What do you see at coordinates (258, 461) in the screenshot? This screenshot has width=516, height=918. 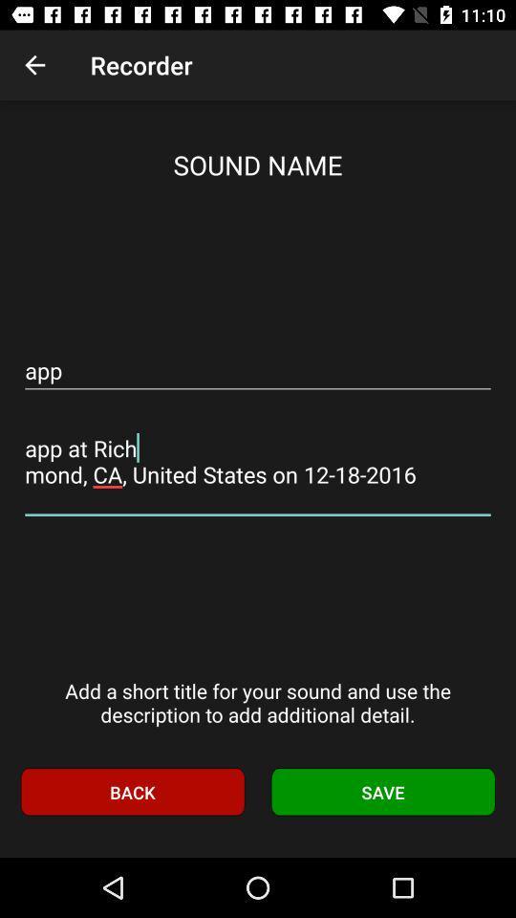 I see `the item above add a short item` at bounding box center [258, 461].